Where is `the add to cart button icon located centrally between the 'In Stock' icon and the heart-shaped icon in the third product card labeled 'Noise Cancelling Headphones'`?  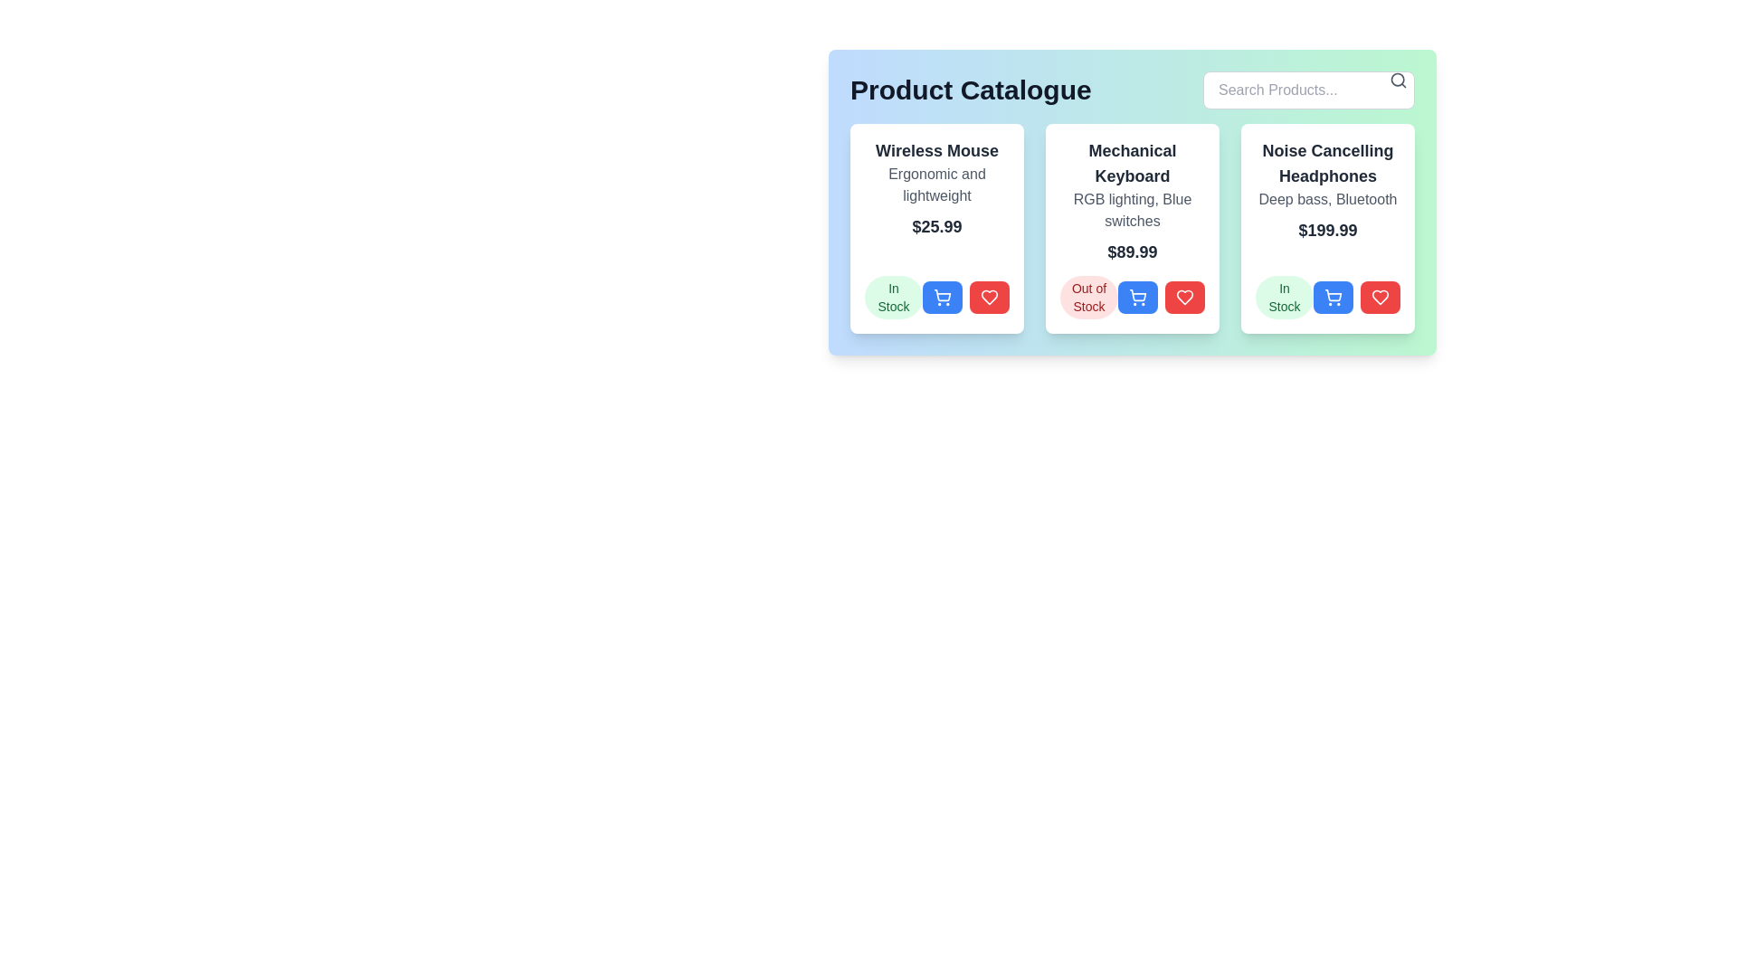 the add to cart button icon located centrally between the 'In Stock' icon and the heart-shaped icon in the third product card labeled 'Noise Cancelling Headphones' is located at coordinates (1333, 294).